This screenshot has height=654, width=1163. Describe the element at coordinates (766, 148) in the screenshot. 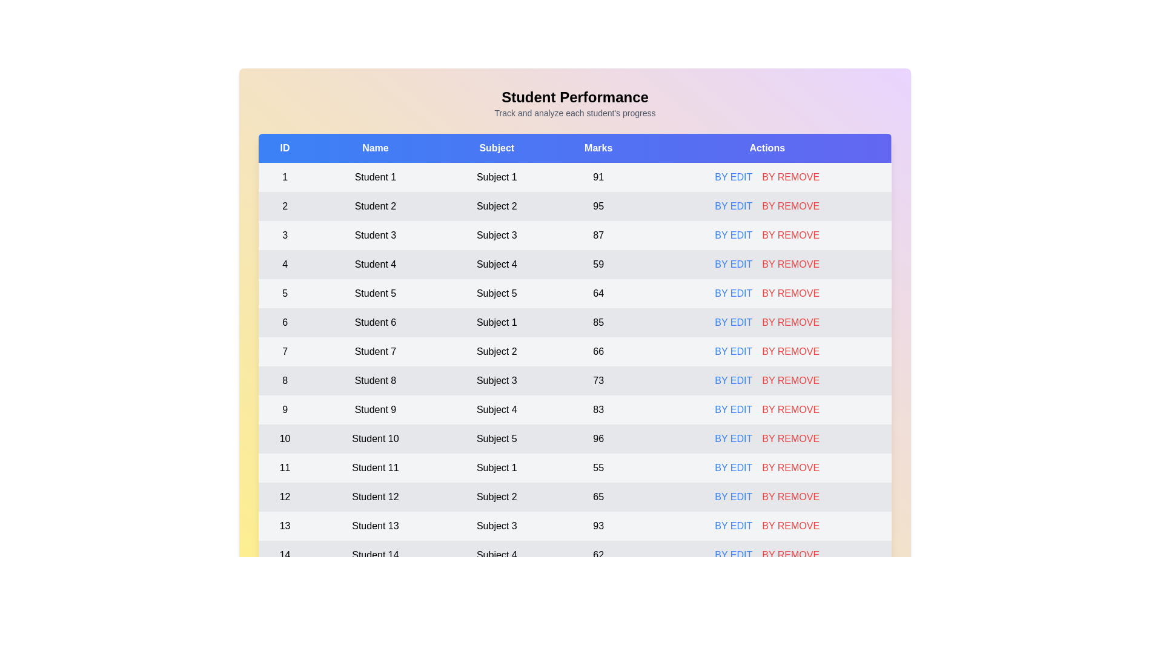

I see `the table header to sort by Actions` at that location.